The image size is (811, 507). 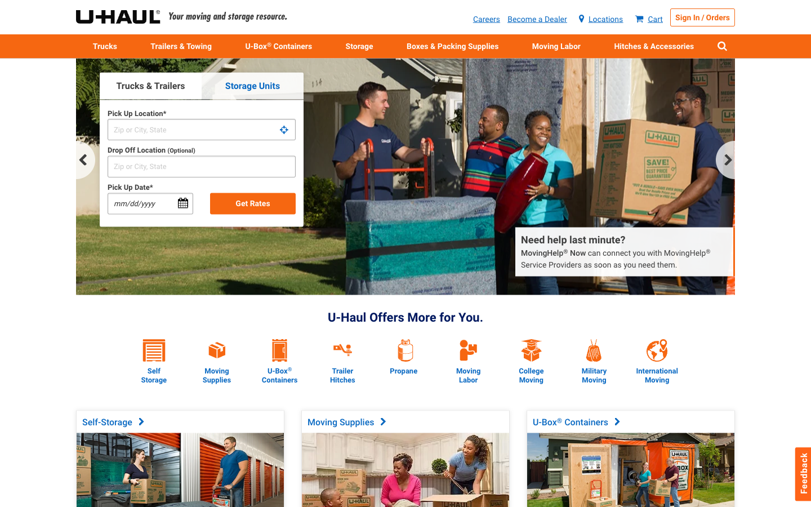 I want to click on Is there a veterans discount available?, so click(x=594, y=340).